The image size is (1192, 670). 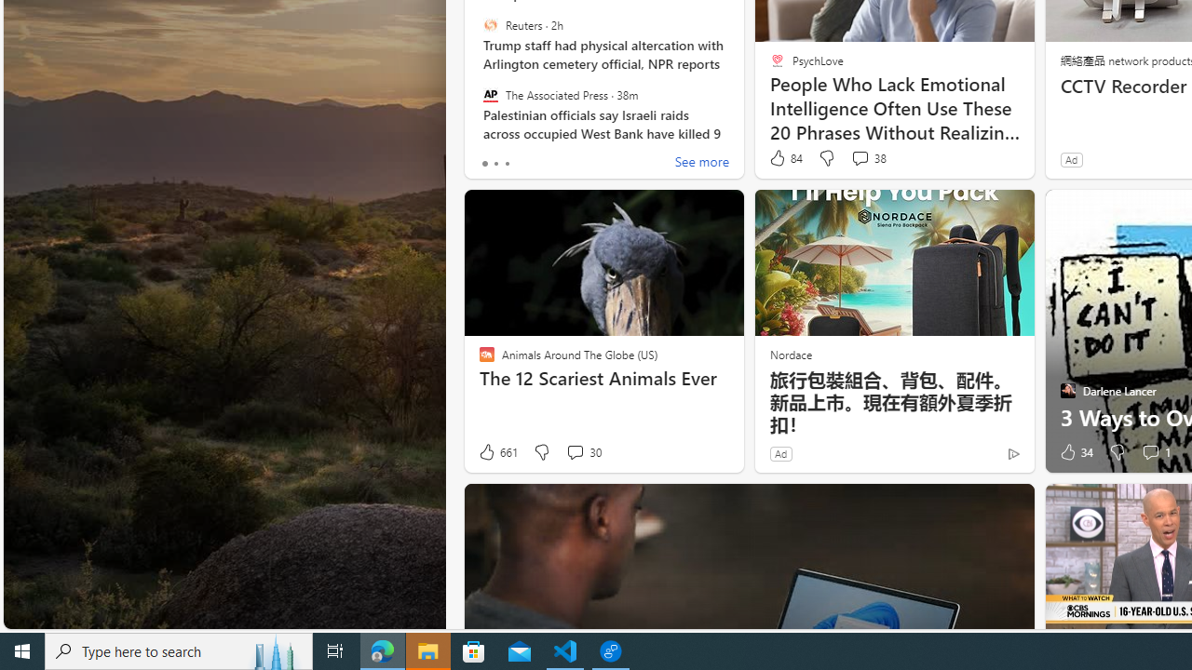 What do you see at coordinates (490, 25) in the screenshot?
I see `'Reuters'` at bounding box center [490, 25].